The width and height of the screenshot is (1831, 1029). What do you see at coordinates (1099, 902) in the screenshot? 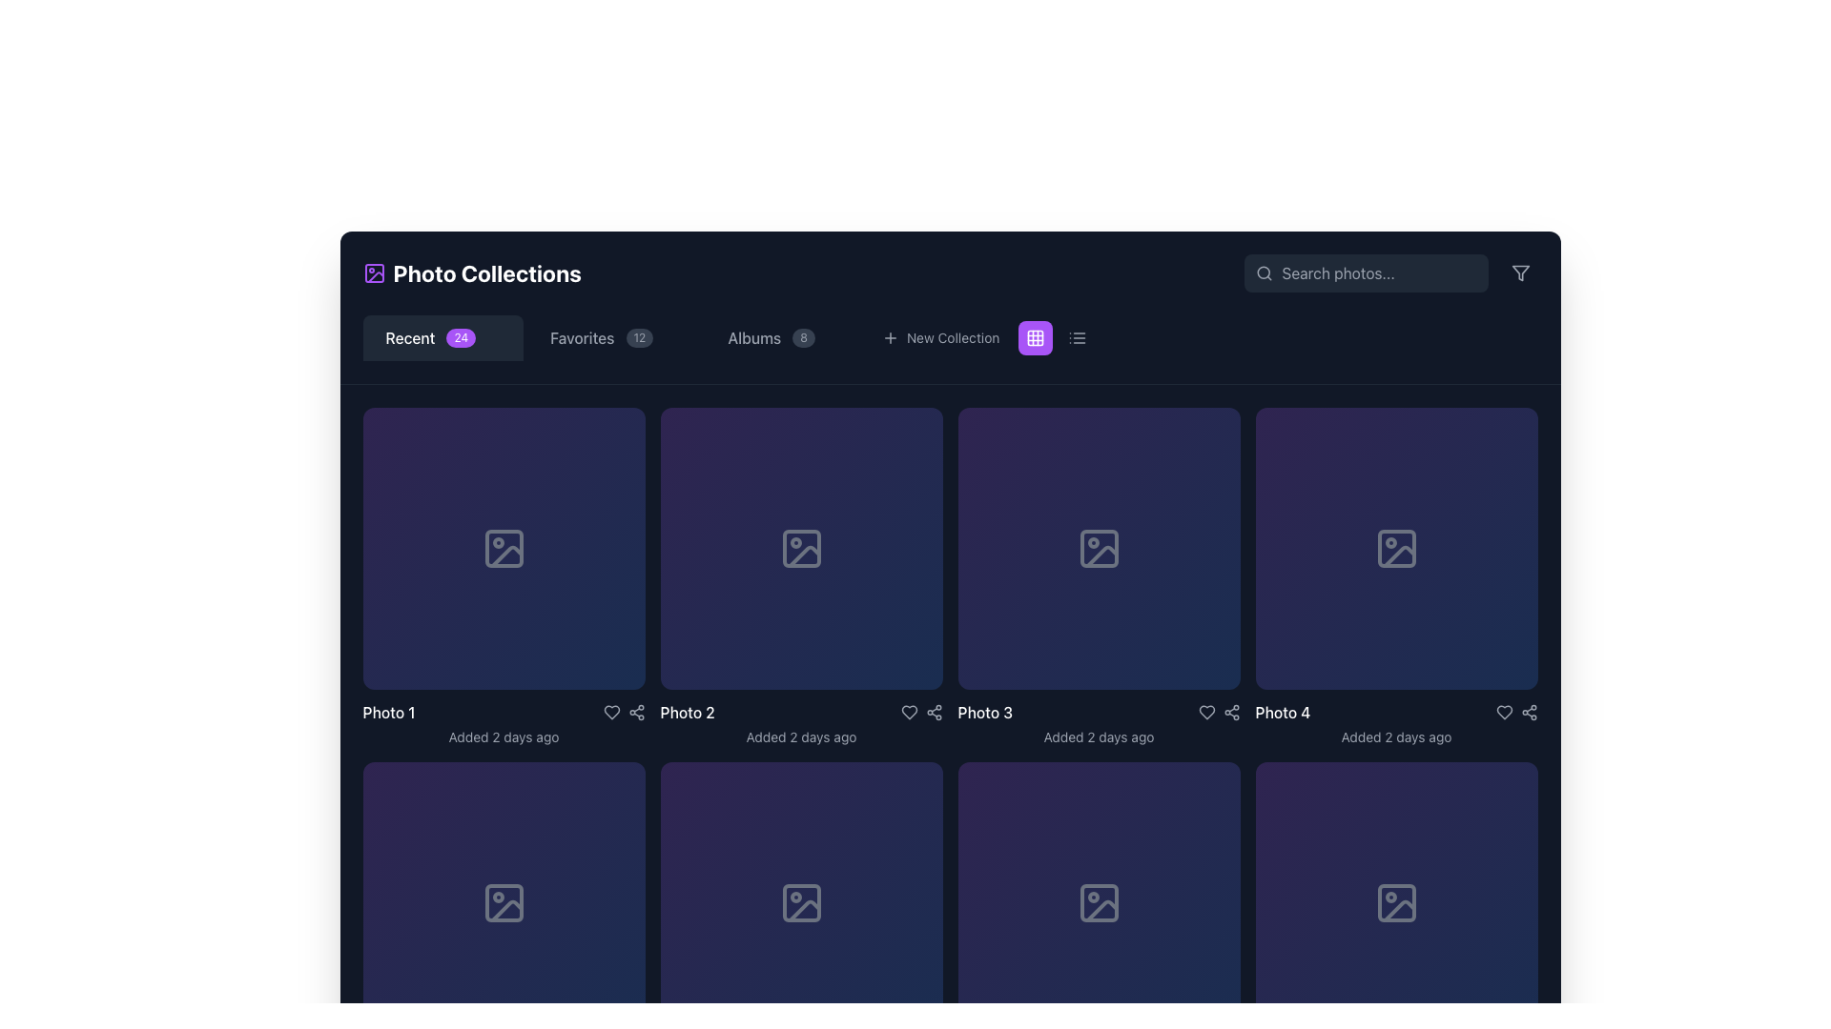
I see `the icon resembling a simplified image placeholder, which is located in the fourth grid cell of the Photo Collections interface, styled in light gray against a dark background` at bounding box center [1099, 902].